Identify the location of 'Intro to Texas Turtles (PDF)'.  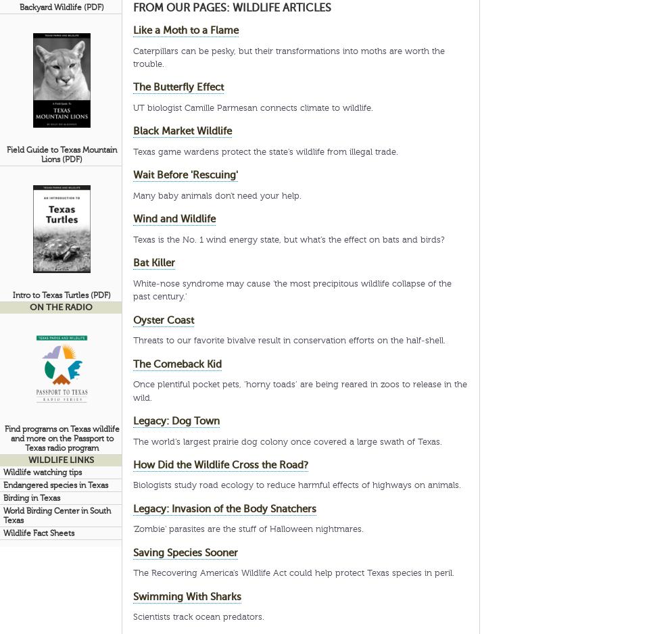
(62, 294).